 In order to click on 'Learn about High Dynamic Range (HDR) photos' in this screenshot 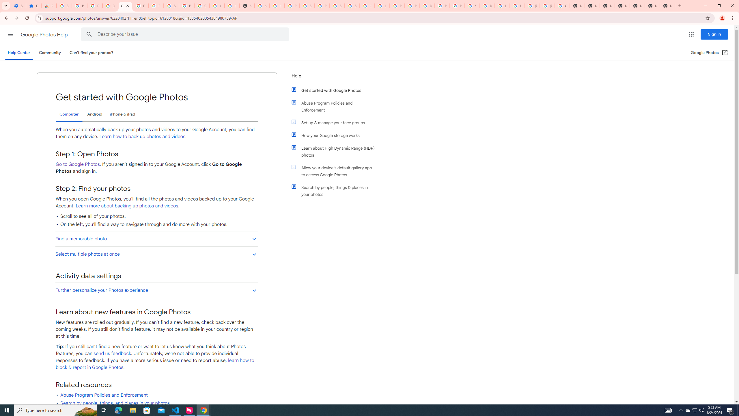, I will do `click(335, 151)`.